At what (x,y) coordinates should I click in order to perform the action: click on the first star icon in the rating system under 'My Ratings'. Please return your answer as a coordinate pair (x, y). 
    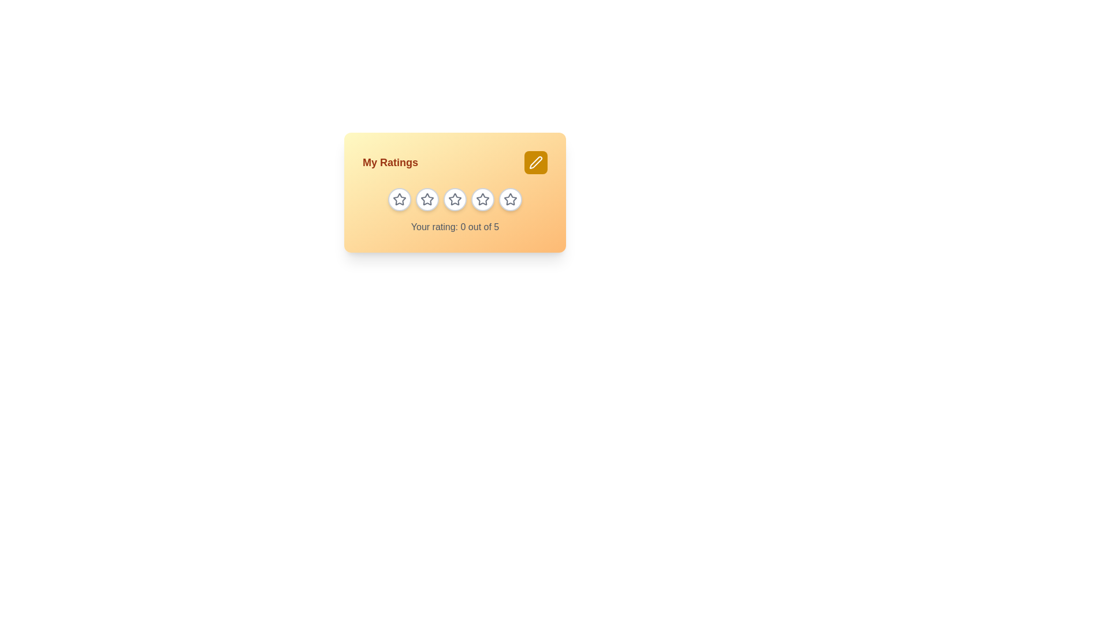
    Looking at the image, I should click on (399, 199).